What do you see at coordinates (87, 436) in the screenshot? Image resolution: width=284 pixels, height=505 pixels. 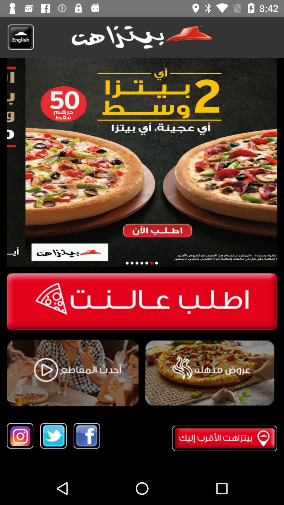 I see `share on facebook` at bounding box center [87, 436].